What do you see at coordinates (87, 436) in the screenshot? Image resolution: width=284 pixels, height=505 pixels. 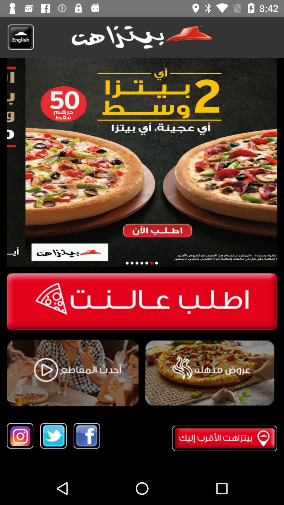 I see `share on facebook` at bounding box center [87, 436].